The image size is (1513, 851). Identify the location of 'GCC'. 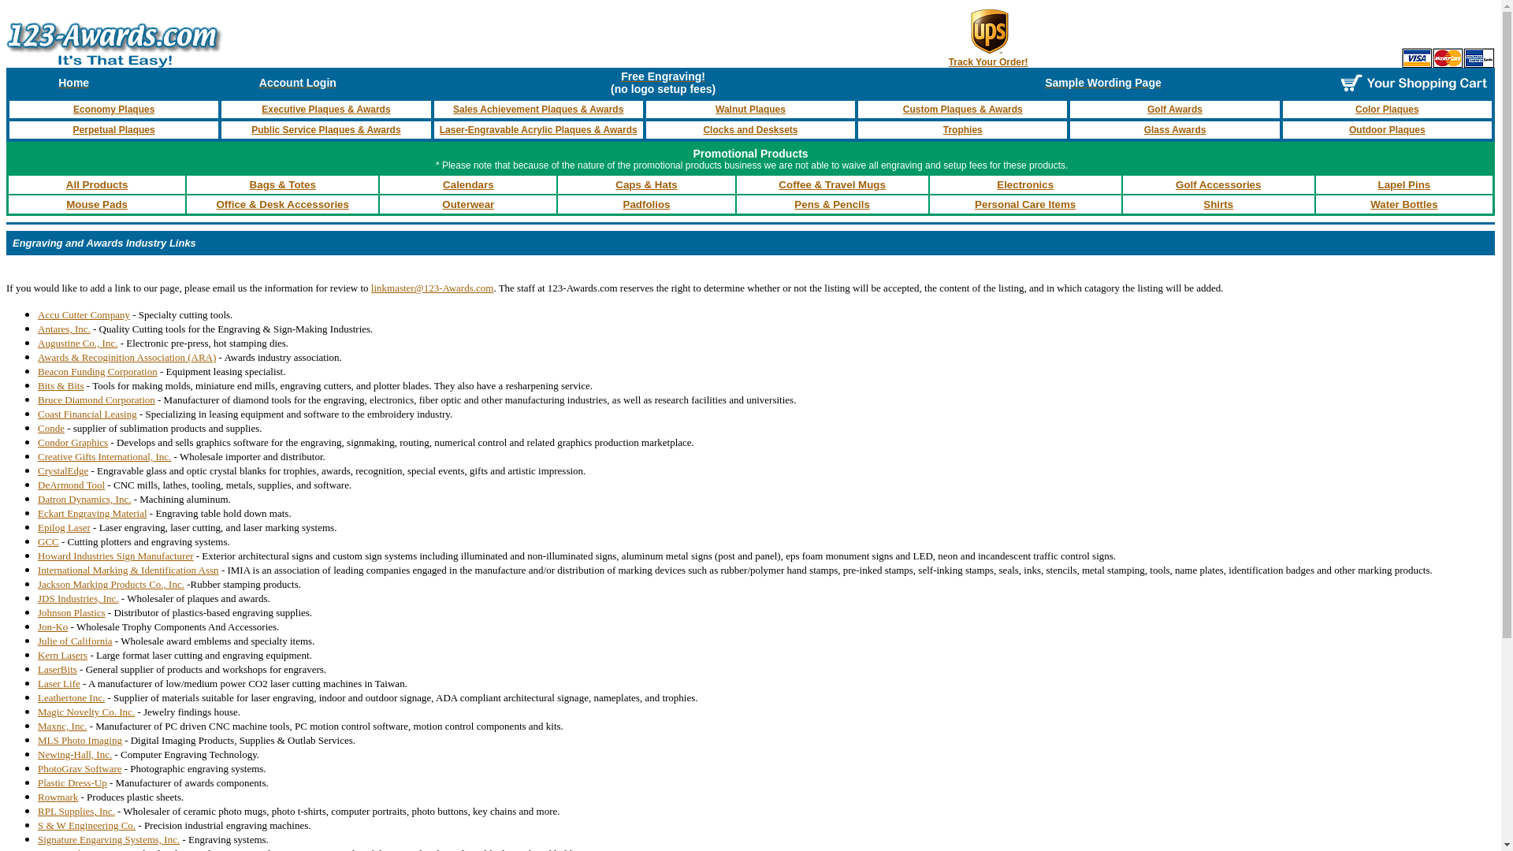
(48, 541).